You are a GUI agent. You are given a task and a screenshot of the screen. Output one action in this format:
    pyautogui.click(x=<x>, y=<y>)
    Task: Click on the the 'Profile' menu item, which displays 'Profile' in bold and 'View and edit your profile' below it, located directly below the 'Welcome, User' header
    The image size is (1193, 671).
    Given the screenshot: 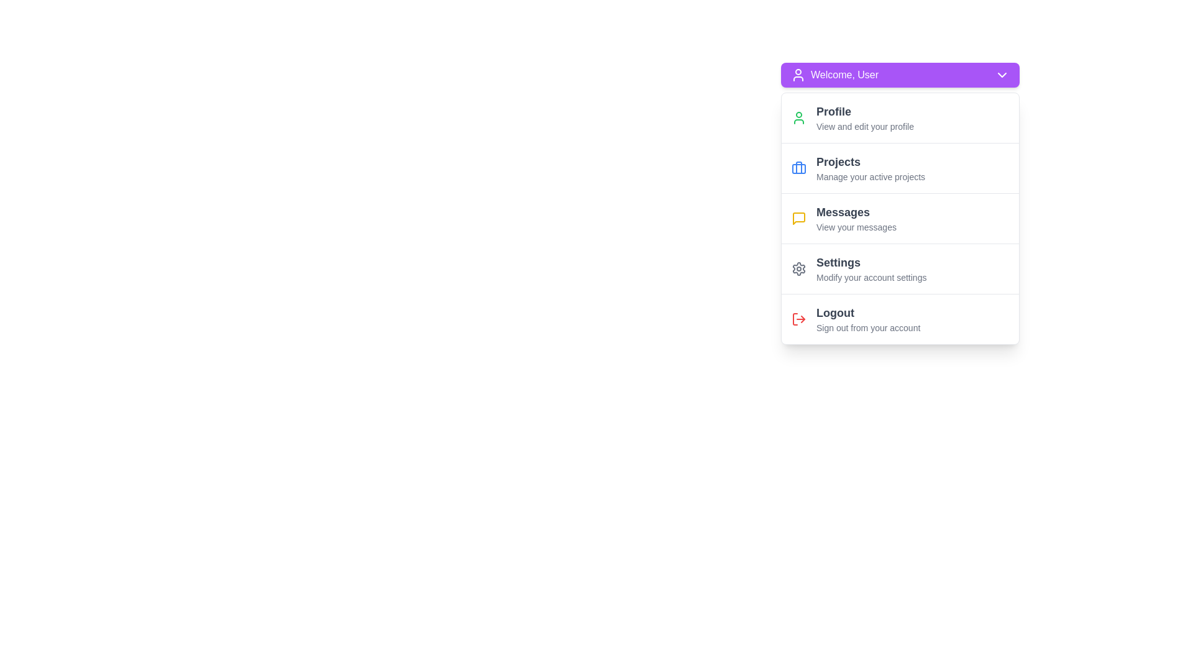 What is the action you would take?
    pyautogui.click(x=900, y=117)
    